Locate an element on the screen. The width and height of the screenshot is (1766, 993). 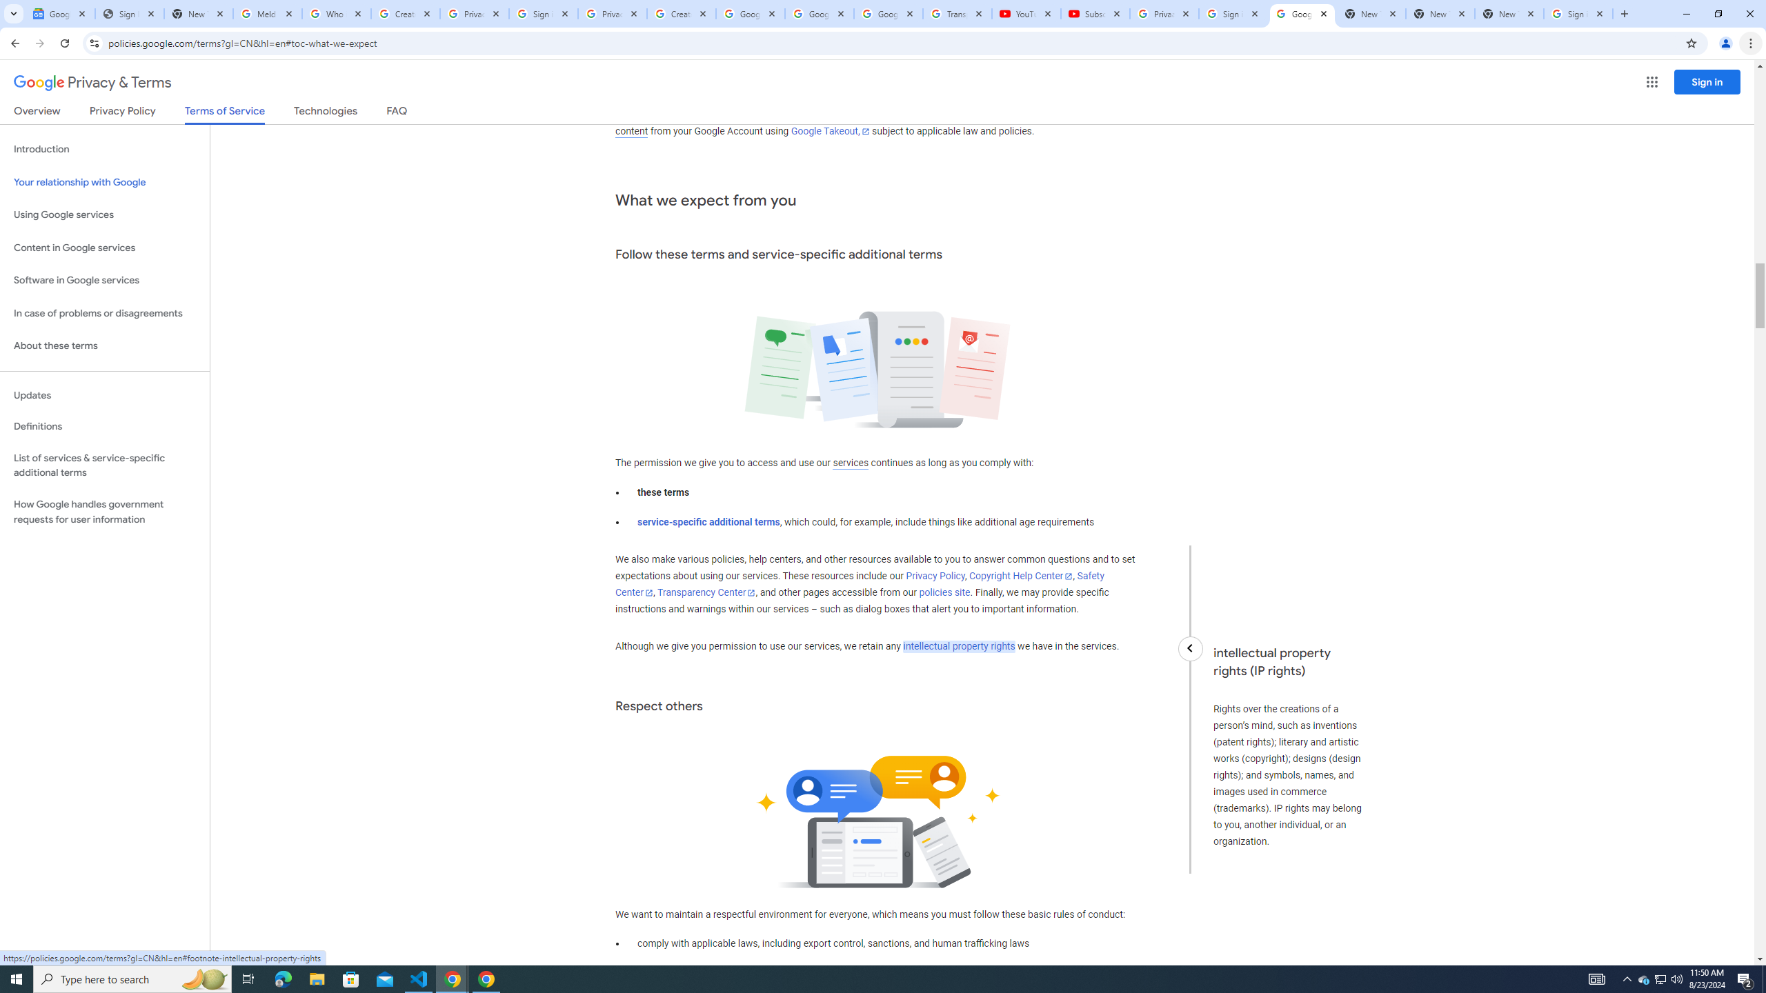
'Who is my administrator? - Google Account Help' is located at coordinates (337, 13).